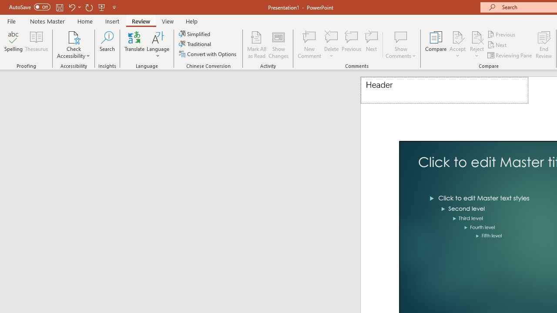 The image size is (557, 313). I want to click on 'Reject', so click(476, 45).